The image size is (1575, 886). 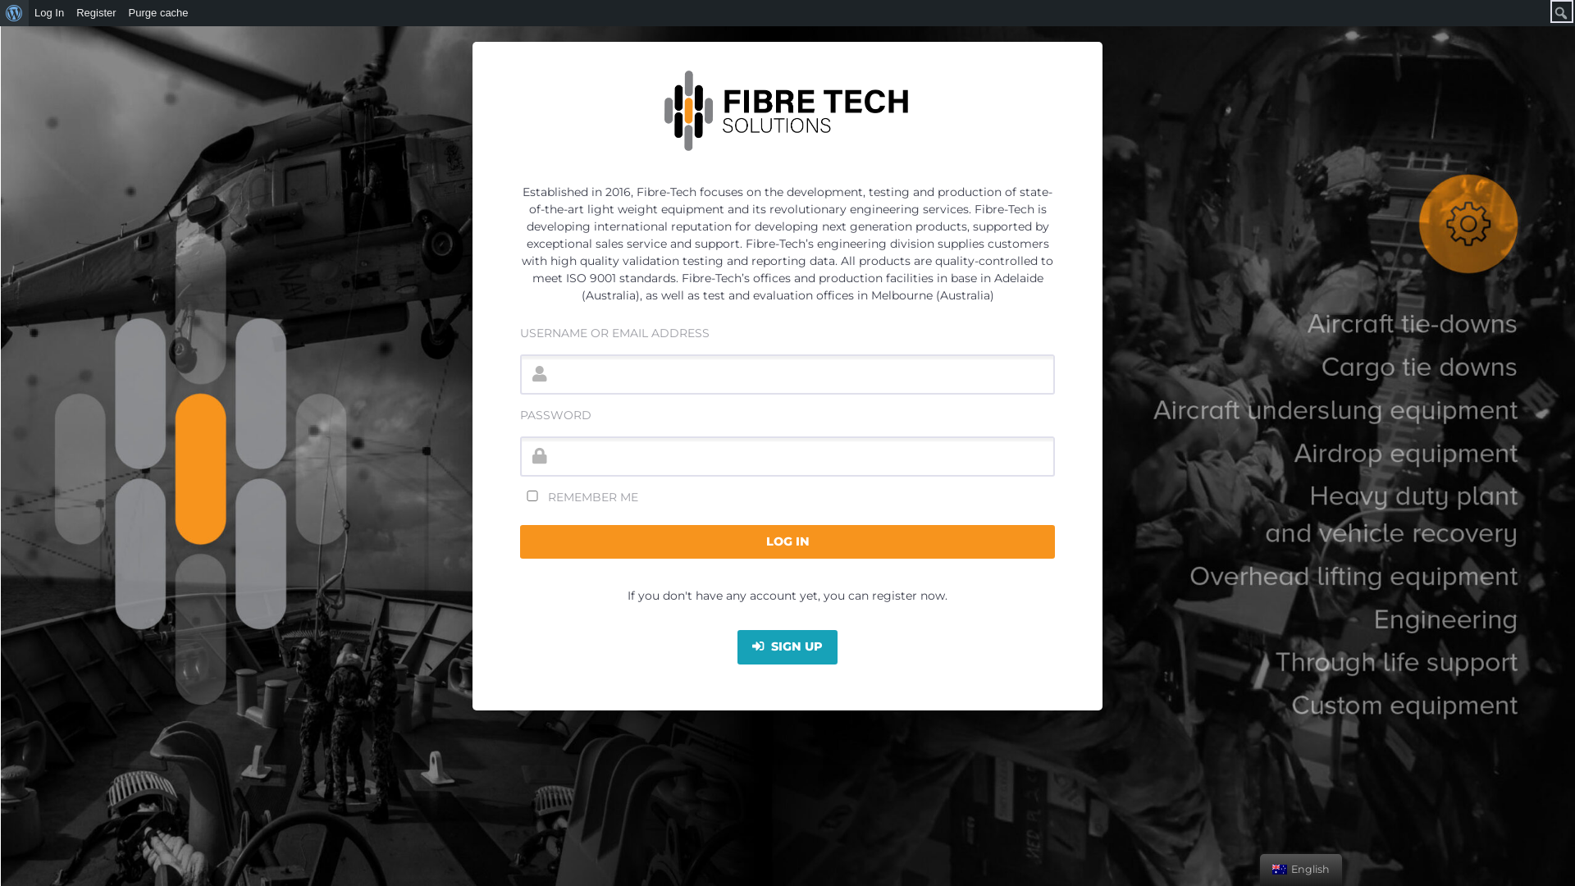 What do you see at coordinates (49, 12) in the screenshot?
I see `'Log In'` at bounding box center [49, 12].